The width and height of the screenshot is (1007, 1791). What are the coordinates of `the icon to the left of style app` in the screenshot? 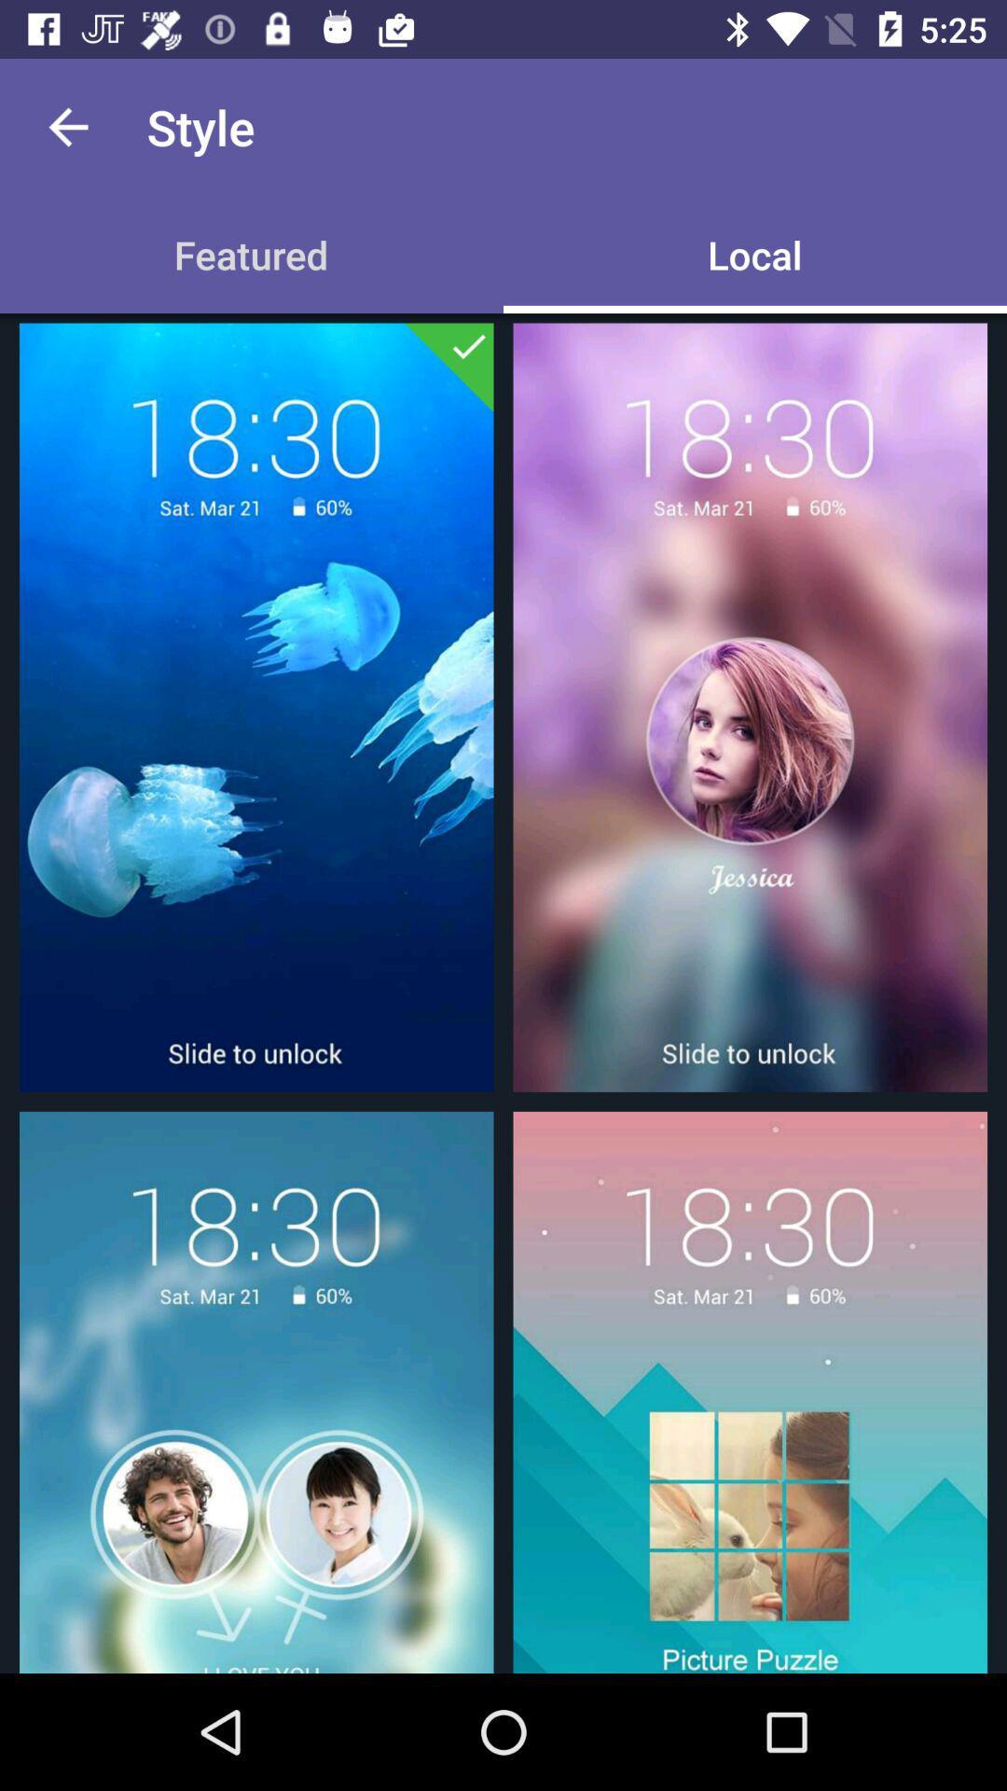 It's located at (67, 126).